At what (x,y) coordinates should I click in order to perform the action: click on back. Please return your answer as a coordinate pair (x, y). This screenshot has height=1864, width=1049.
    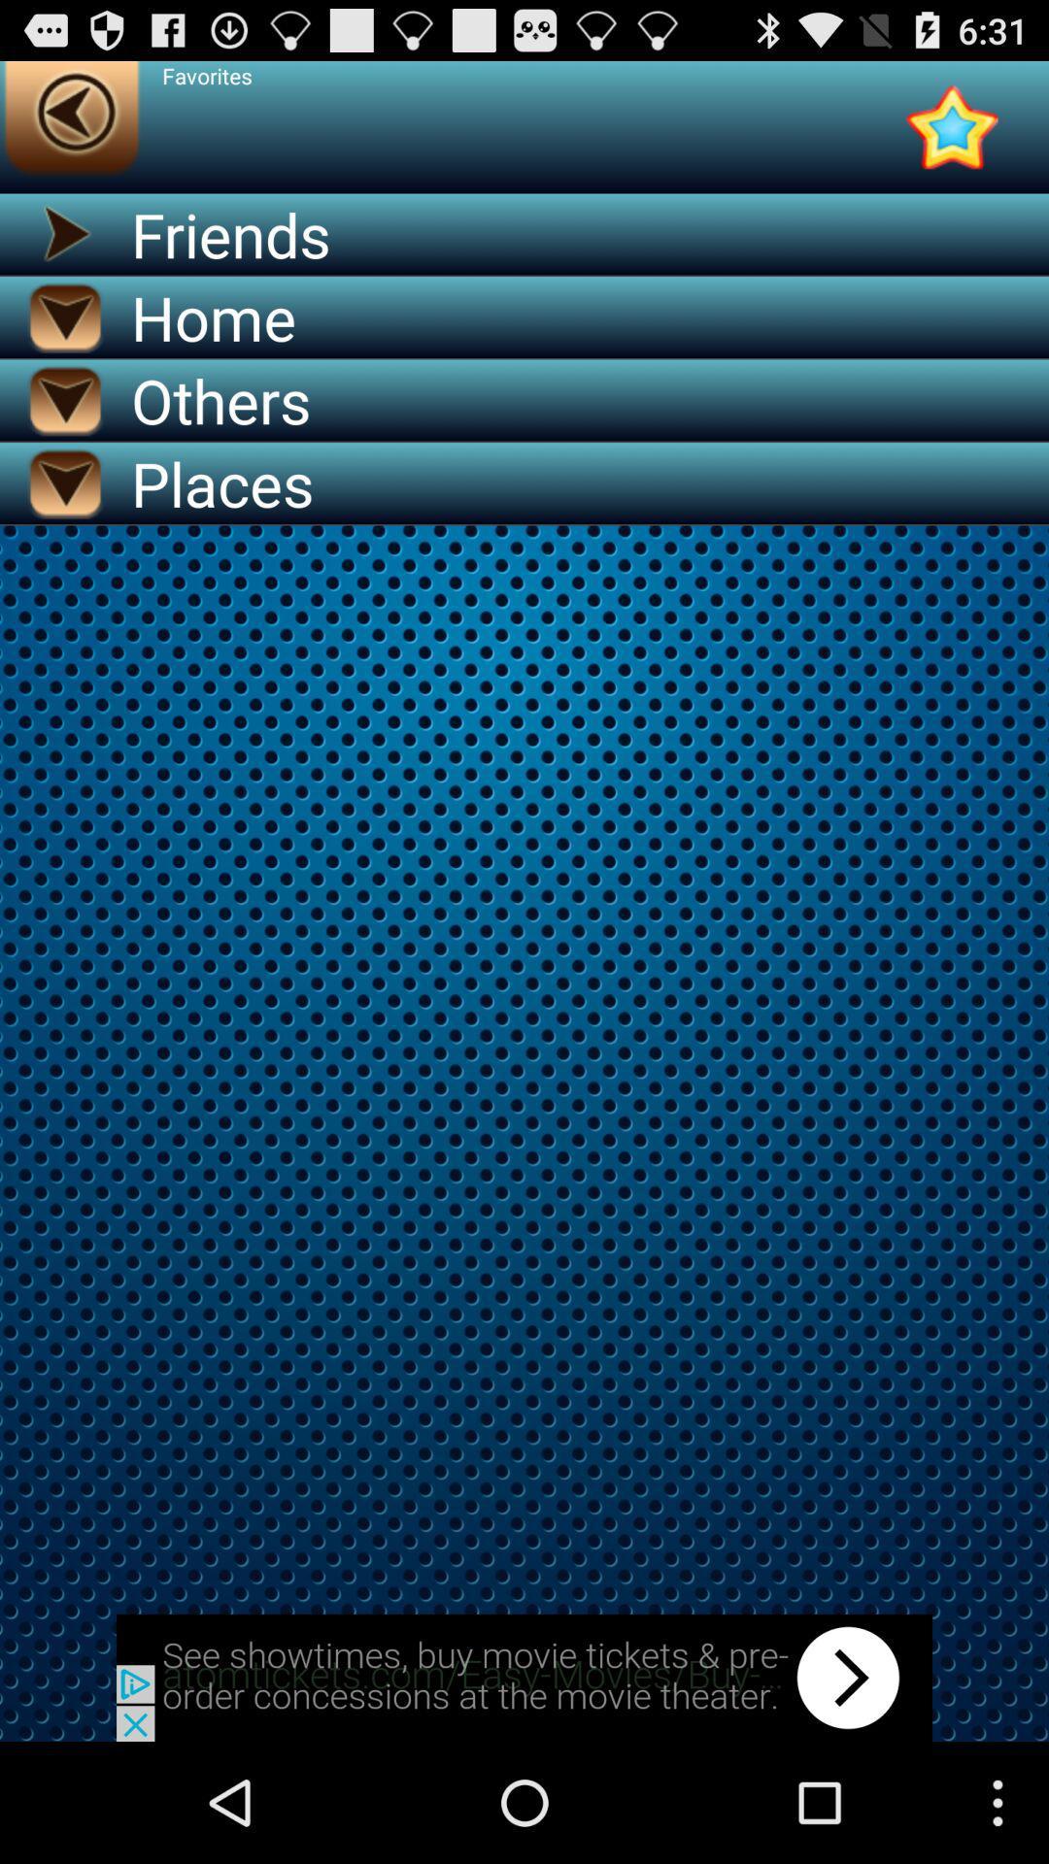
    Looking at the image, I should click on (524, 1677).